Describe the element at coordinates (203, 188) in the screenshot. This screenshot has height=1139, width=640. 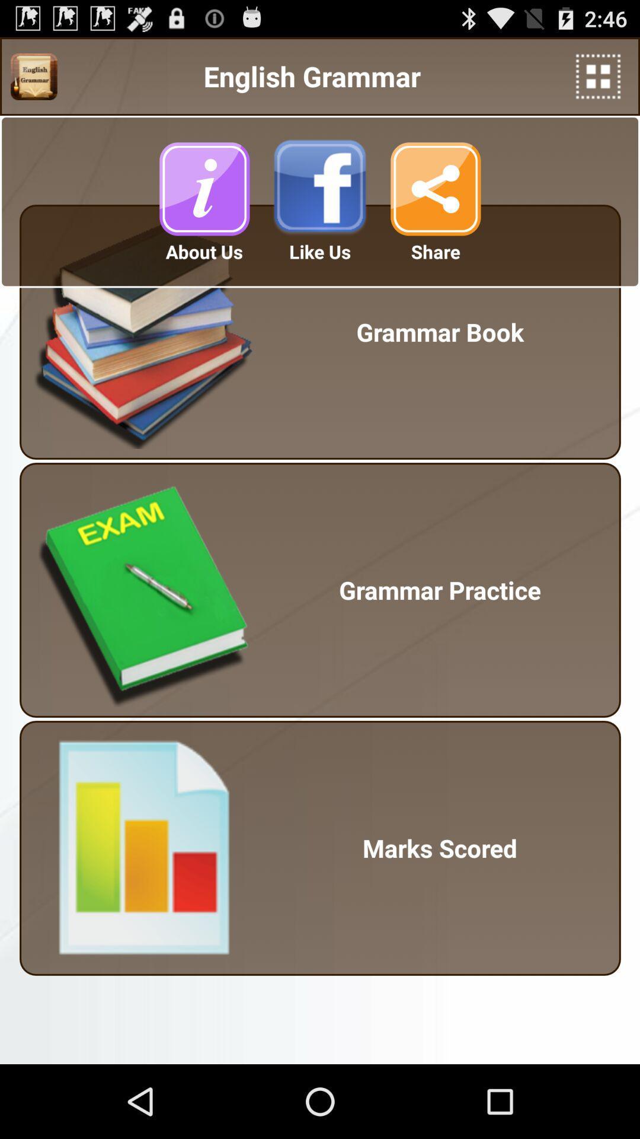
I see `the item below english grammar item` at that location.